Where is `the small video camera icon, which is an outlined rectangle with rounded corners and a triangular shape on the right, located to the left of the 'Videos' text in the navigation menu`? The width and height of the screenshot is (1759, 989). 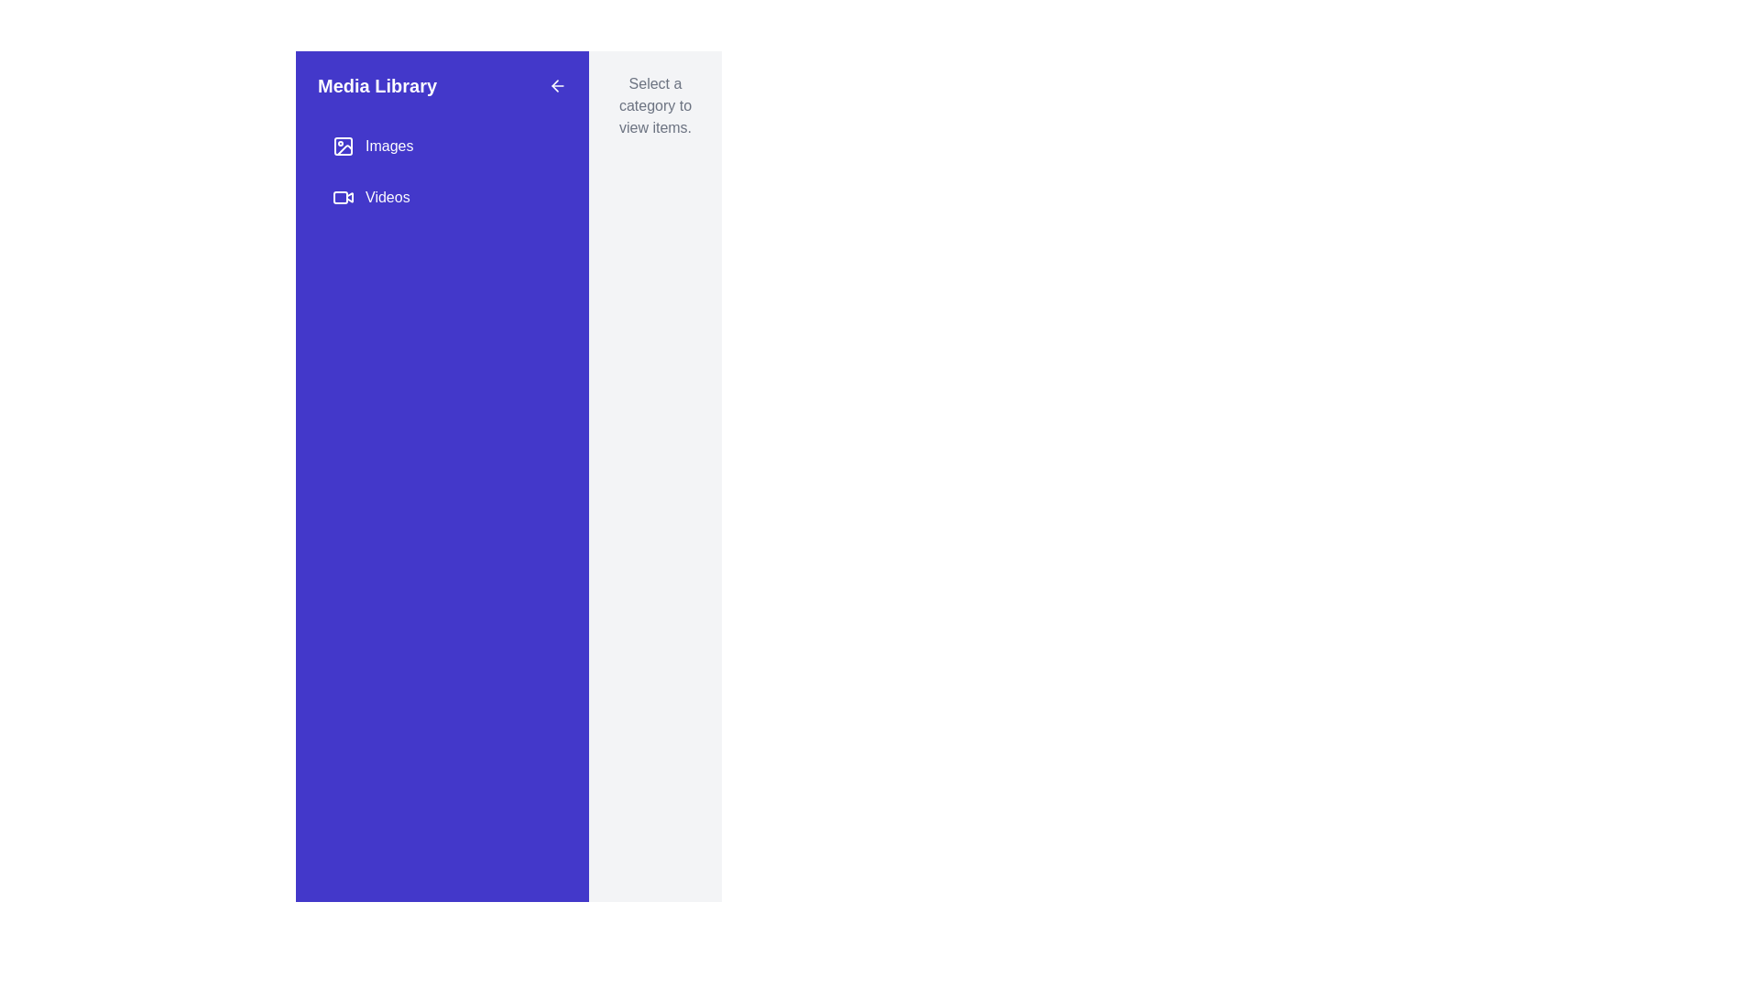
the small video camera icon, which is an outlined rectangle with rounded corners and a triangular shape on the right, located to the left of the 'Videos' text in the navigation menu is located at coordinates (343, 198).